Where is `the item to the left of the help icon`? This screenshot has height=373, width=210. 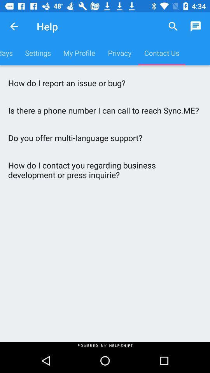
the item to the left of the help icon is located at coordinates (14, 26).